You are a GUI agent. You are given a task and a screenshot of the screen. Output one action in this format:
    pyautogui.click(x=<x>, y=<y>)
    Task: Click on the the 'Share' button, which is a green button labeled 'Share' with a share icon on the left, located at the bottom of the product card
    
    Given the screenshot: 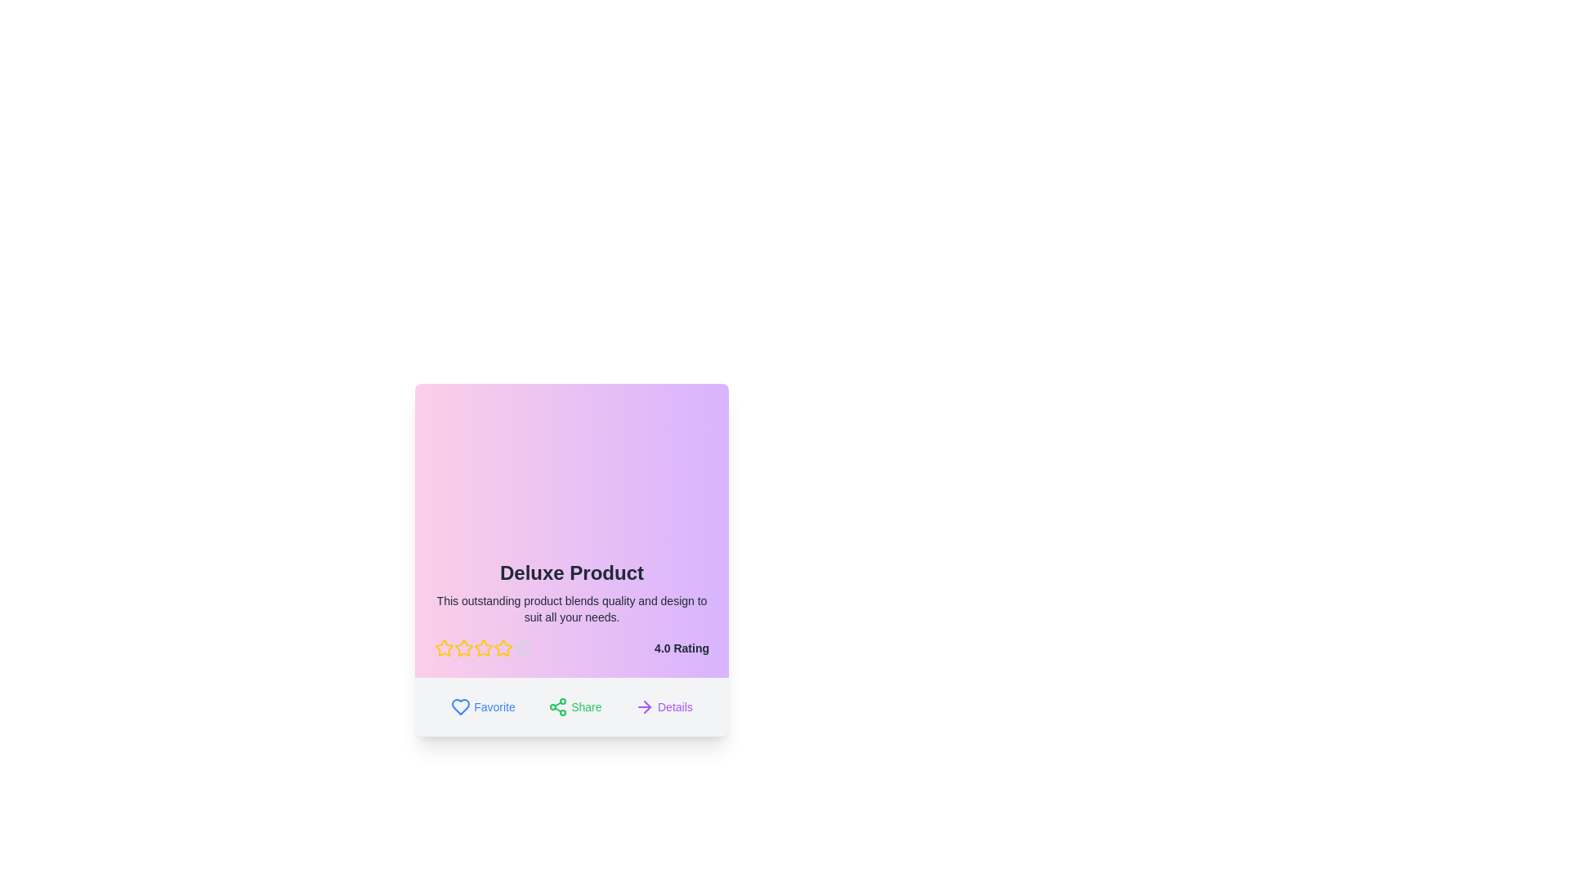 What is the action you would take?
    pyautogui.click(x=574, y=706)
    